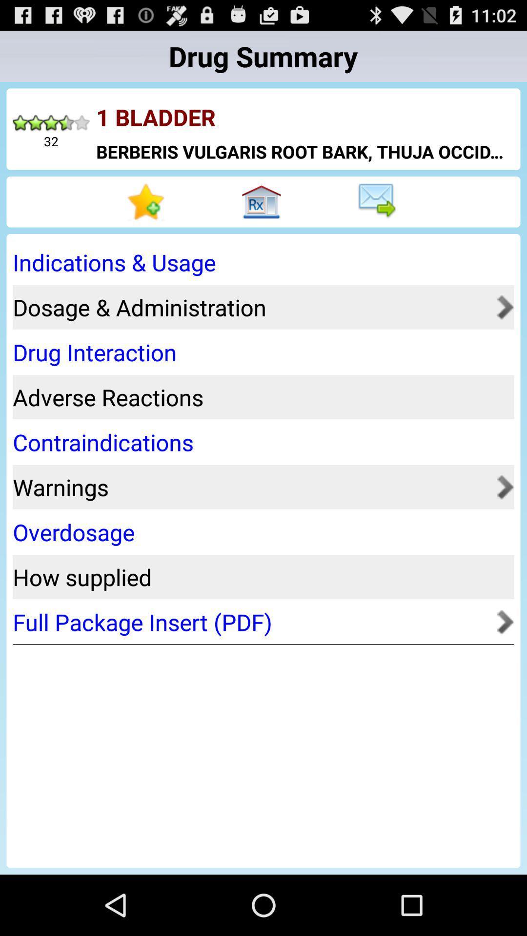 This screenshot has height=936, width=527. I want to click on the how supplied, so click(260, 577).